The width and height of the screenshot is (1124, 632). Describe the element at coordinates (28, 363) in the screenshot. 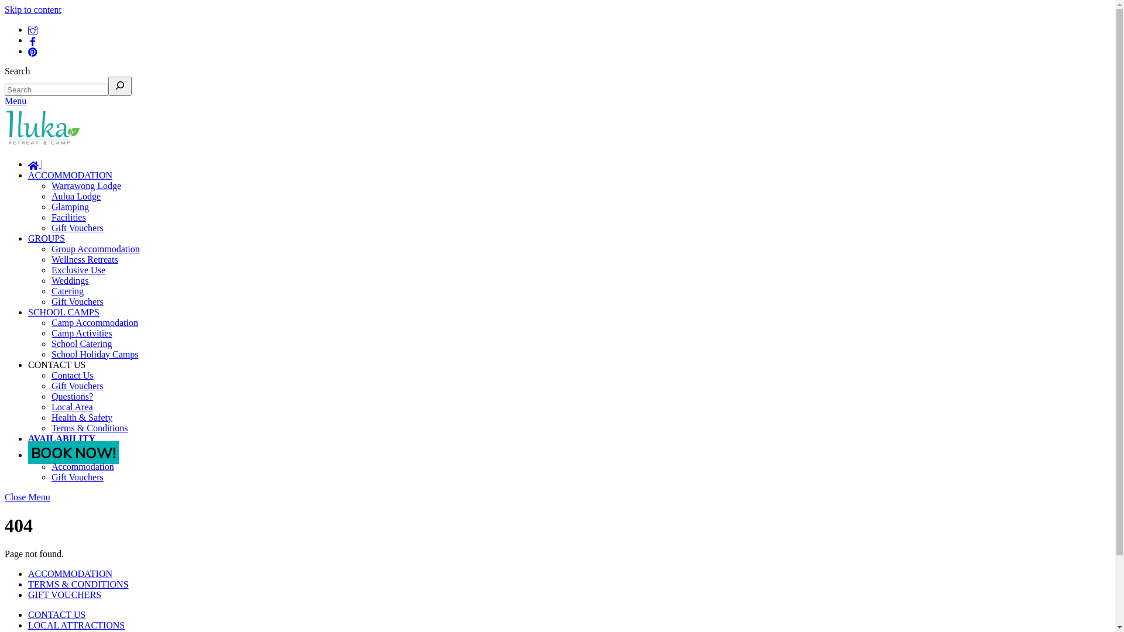

I see `'CONTACT US'` at that location.